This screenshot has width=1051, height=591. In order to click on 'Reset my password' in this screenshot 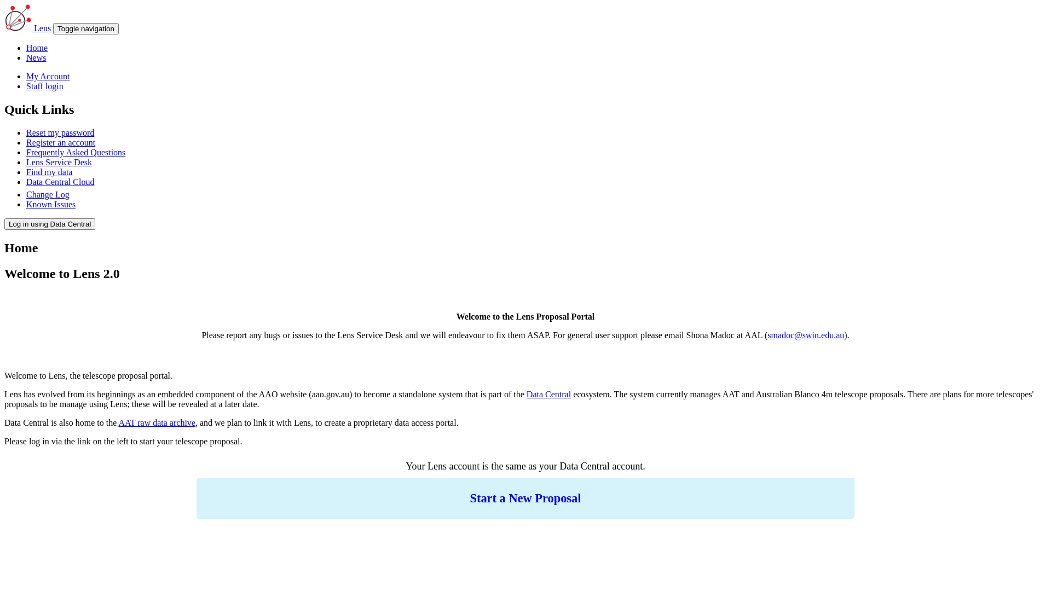, I will do `click(60, 132)`.